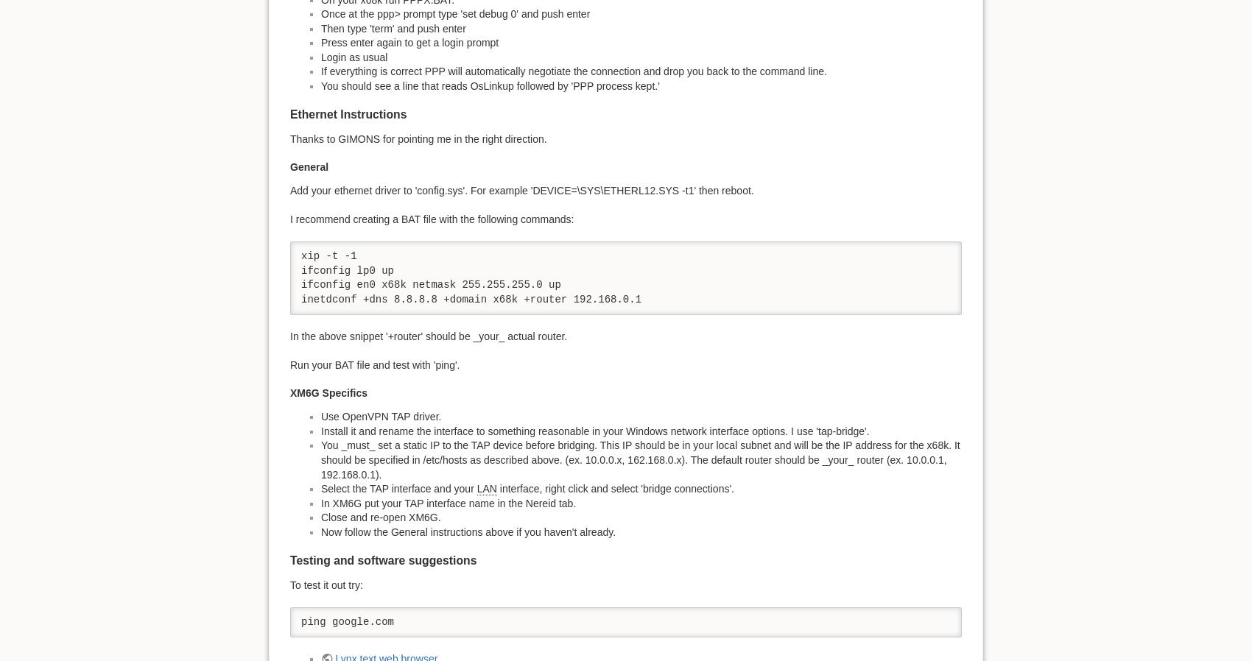 This screenshot has width=1252, height=661. What do you see at coordinates (447, 503) in the screenshot?
I see `'In XM6G put your TAP interface name in the Nereid tab.'` at bounding box center [447, 503].